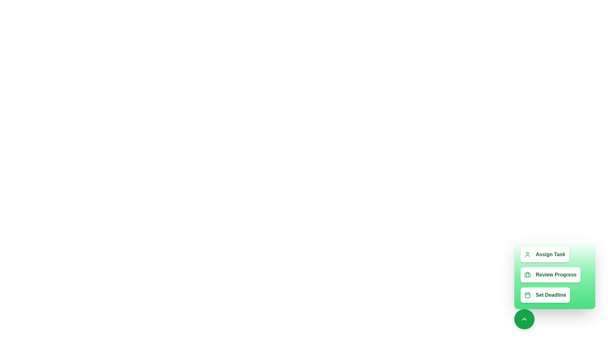 This screenshot has height=342, width=608. What do you see at coordinates (550, 274) in the screenshot?
I see `the button to execute the task action Review Progress` at bounding box center [550, 274].